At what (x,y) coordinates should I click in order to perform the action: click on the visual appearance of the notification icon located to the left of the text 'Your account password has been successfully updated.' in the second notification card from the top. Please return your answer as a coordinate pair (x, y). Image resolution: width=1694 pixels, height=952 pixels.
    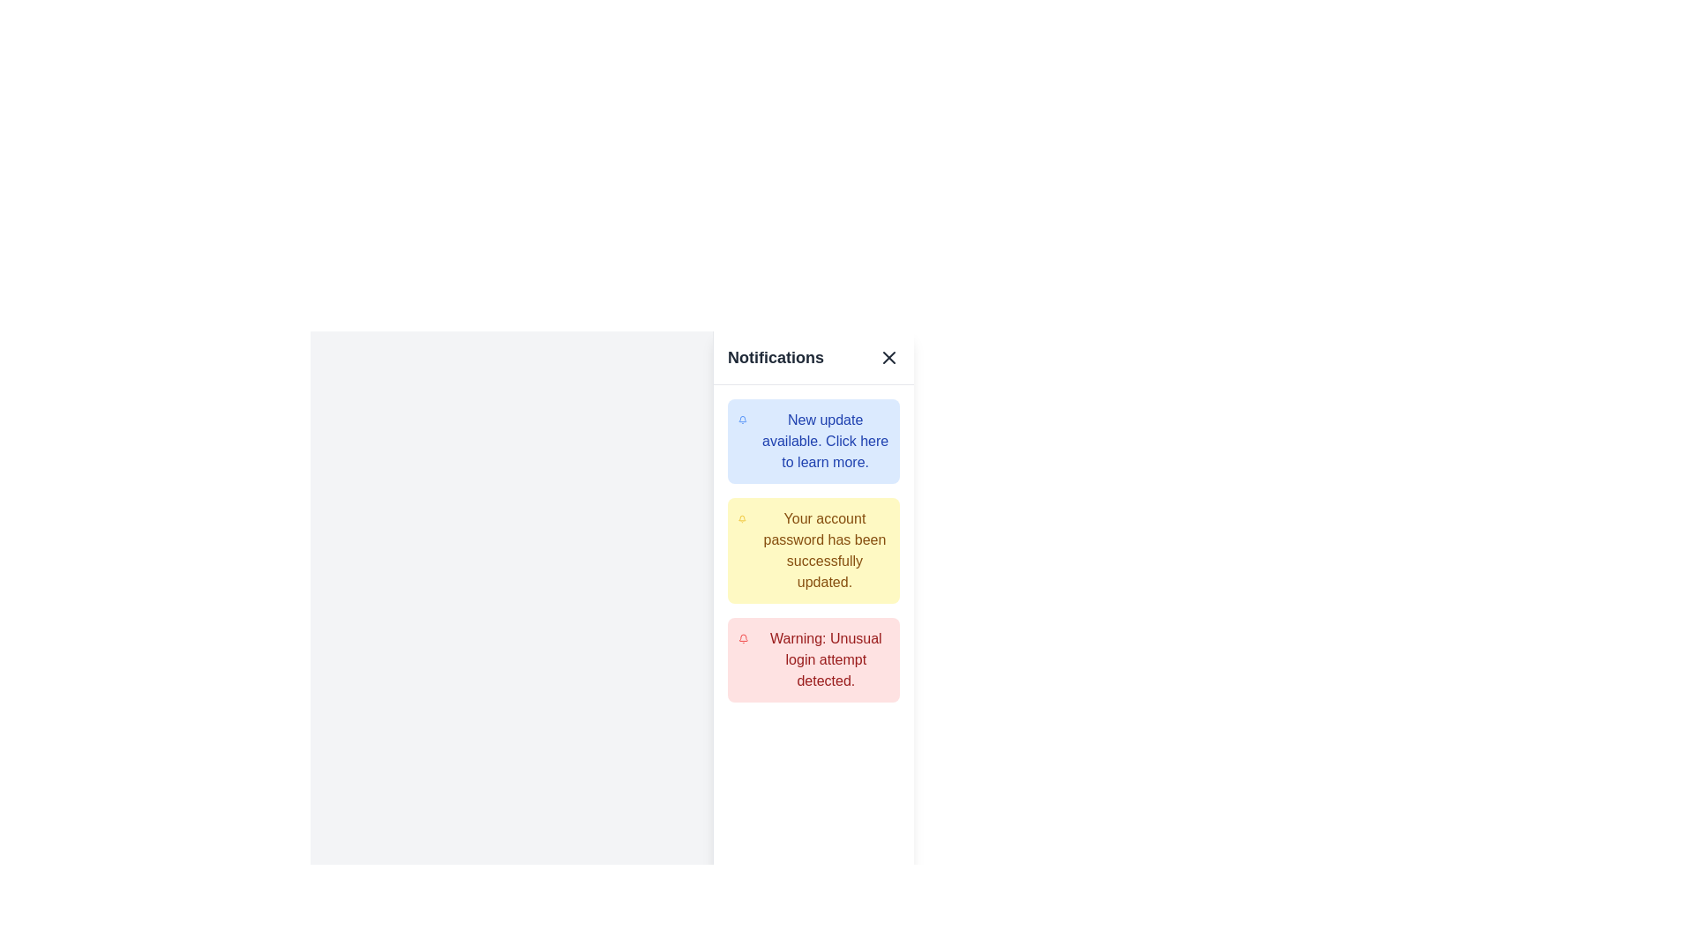
    Looking at the image, I should click on (742, 518).